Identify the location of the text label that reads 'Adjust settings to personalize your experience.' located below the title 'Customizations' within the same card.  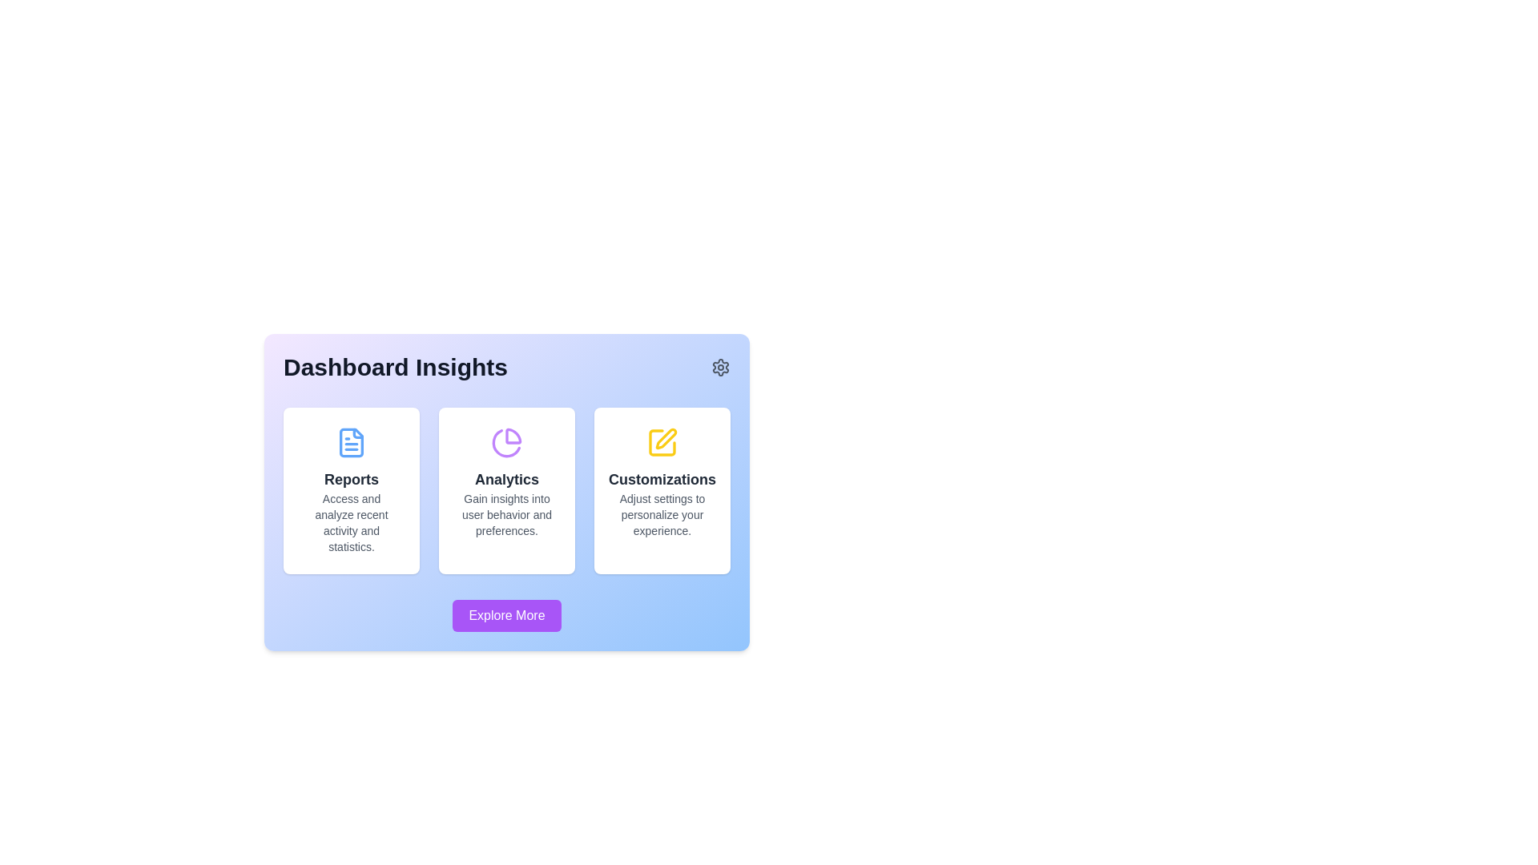
(662, 515).